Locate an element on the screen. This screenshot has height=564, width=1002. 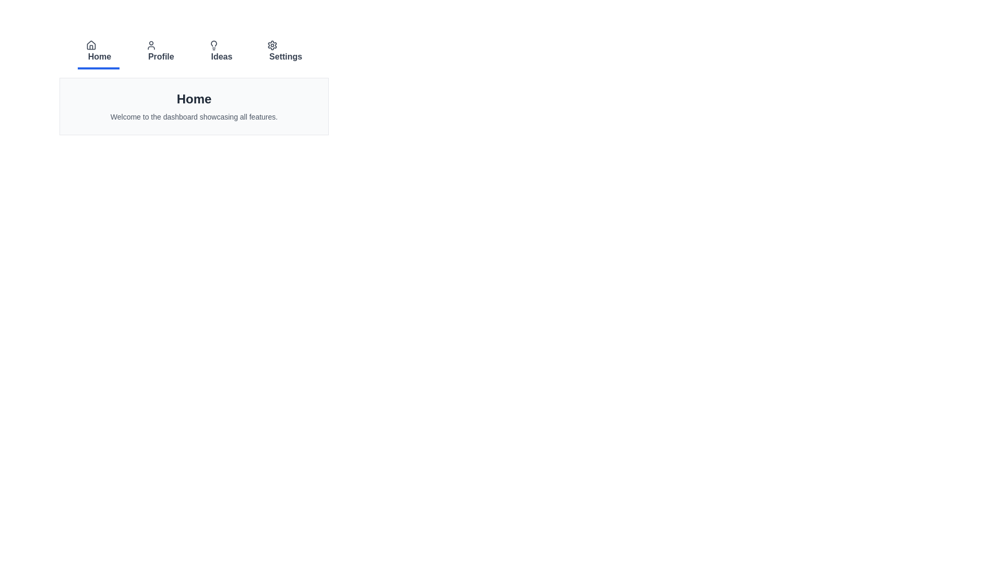
the tab labeled Home to view its content is located at coordinates (98, 52).